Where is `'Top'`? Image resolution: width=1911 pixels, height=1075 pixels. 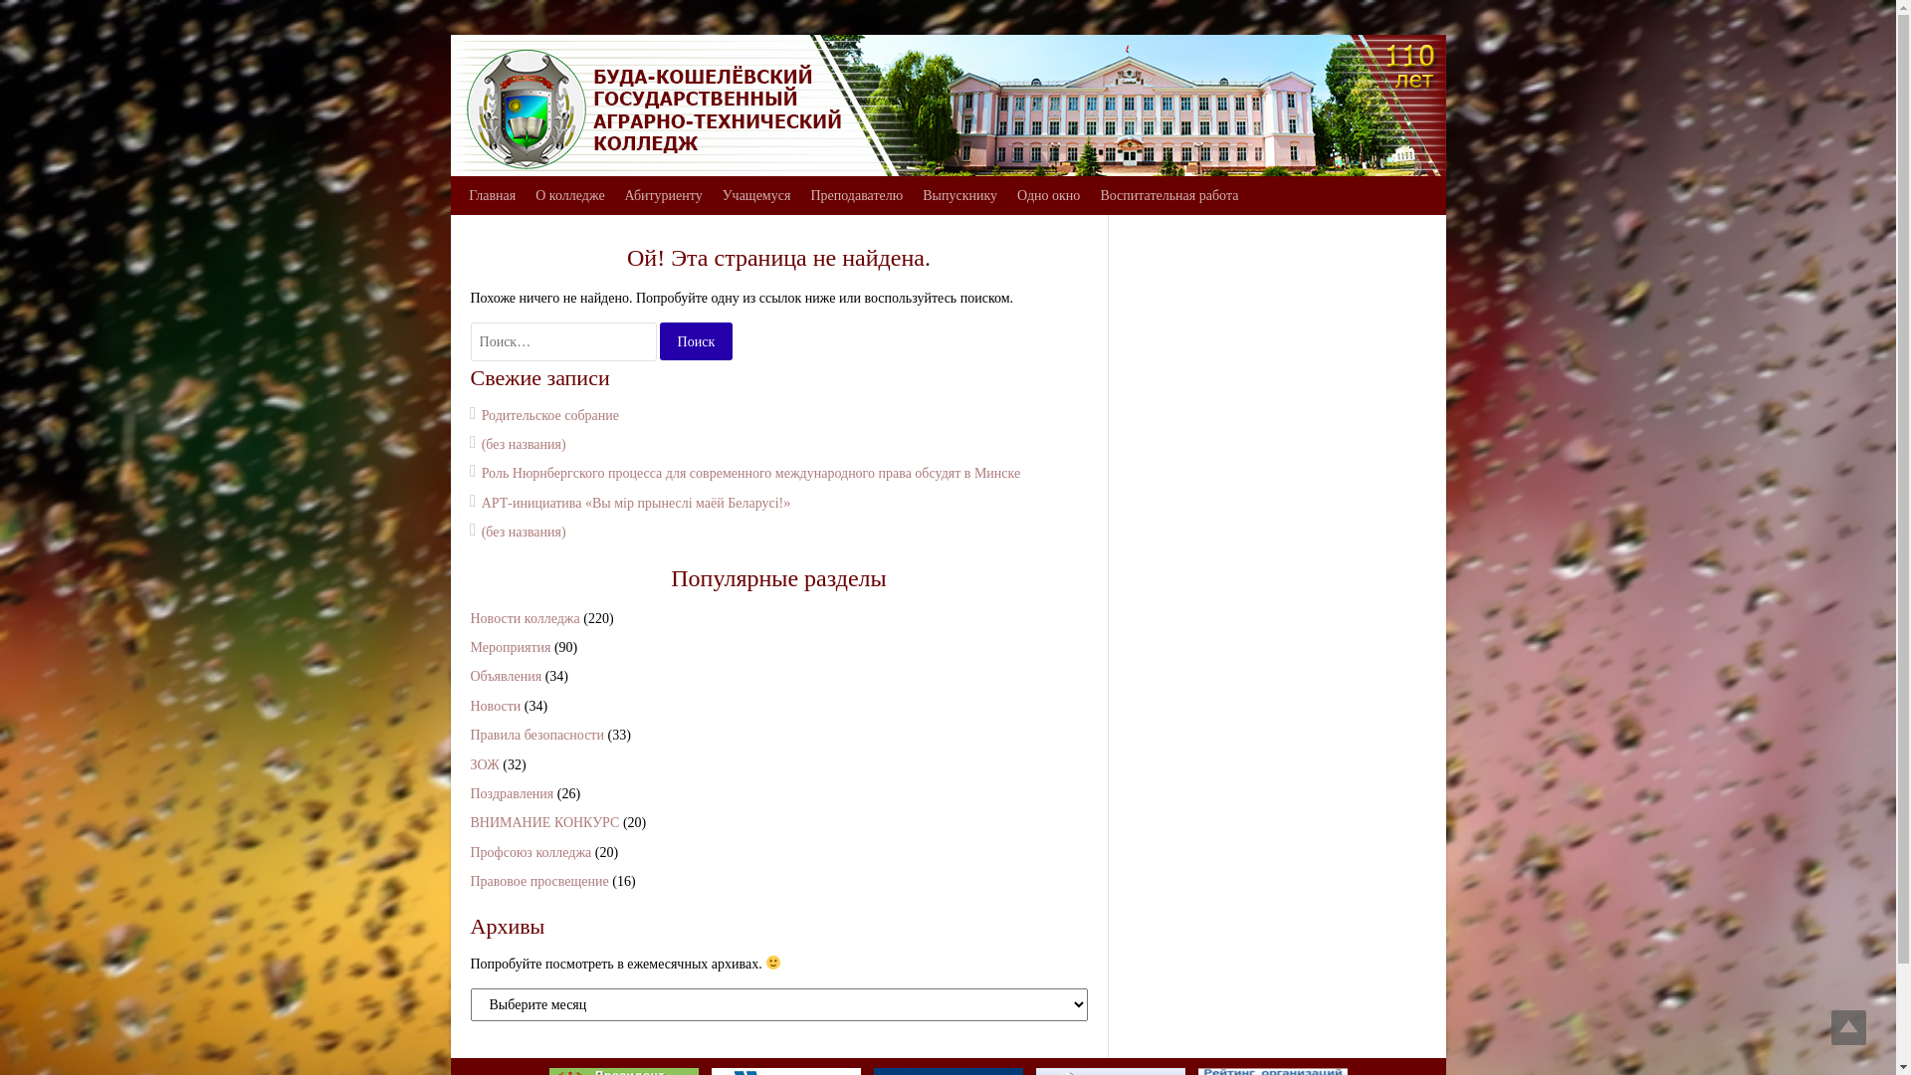
'Top' is located at coordinates (1847, 1027).